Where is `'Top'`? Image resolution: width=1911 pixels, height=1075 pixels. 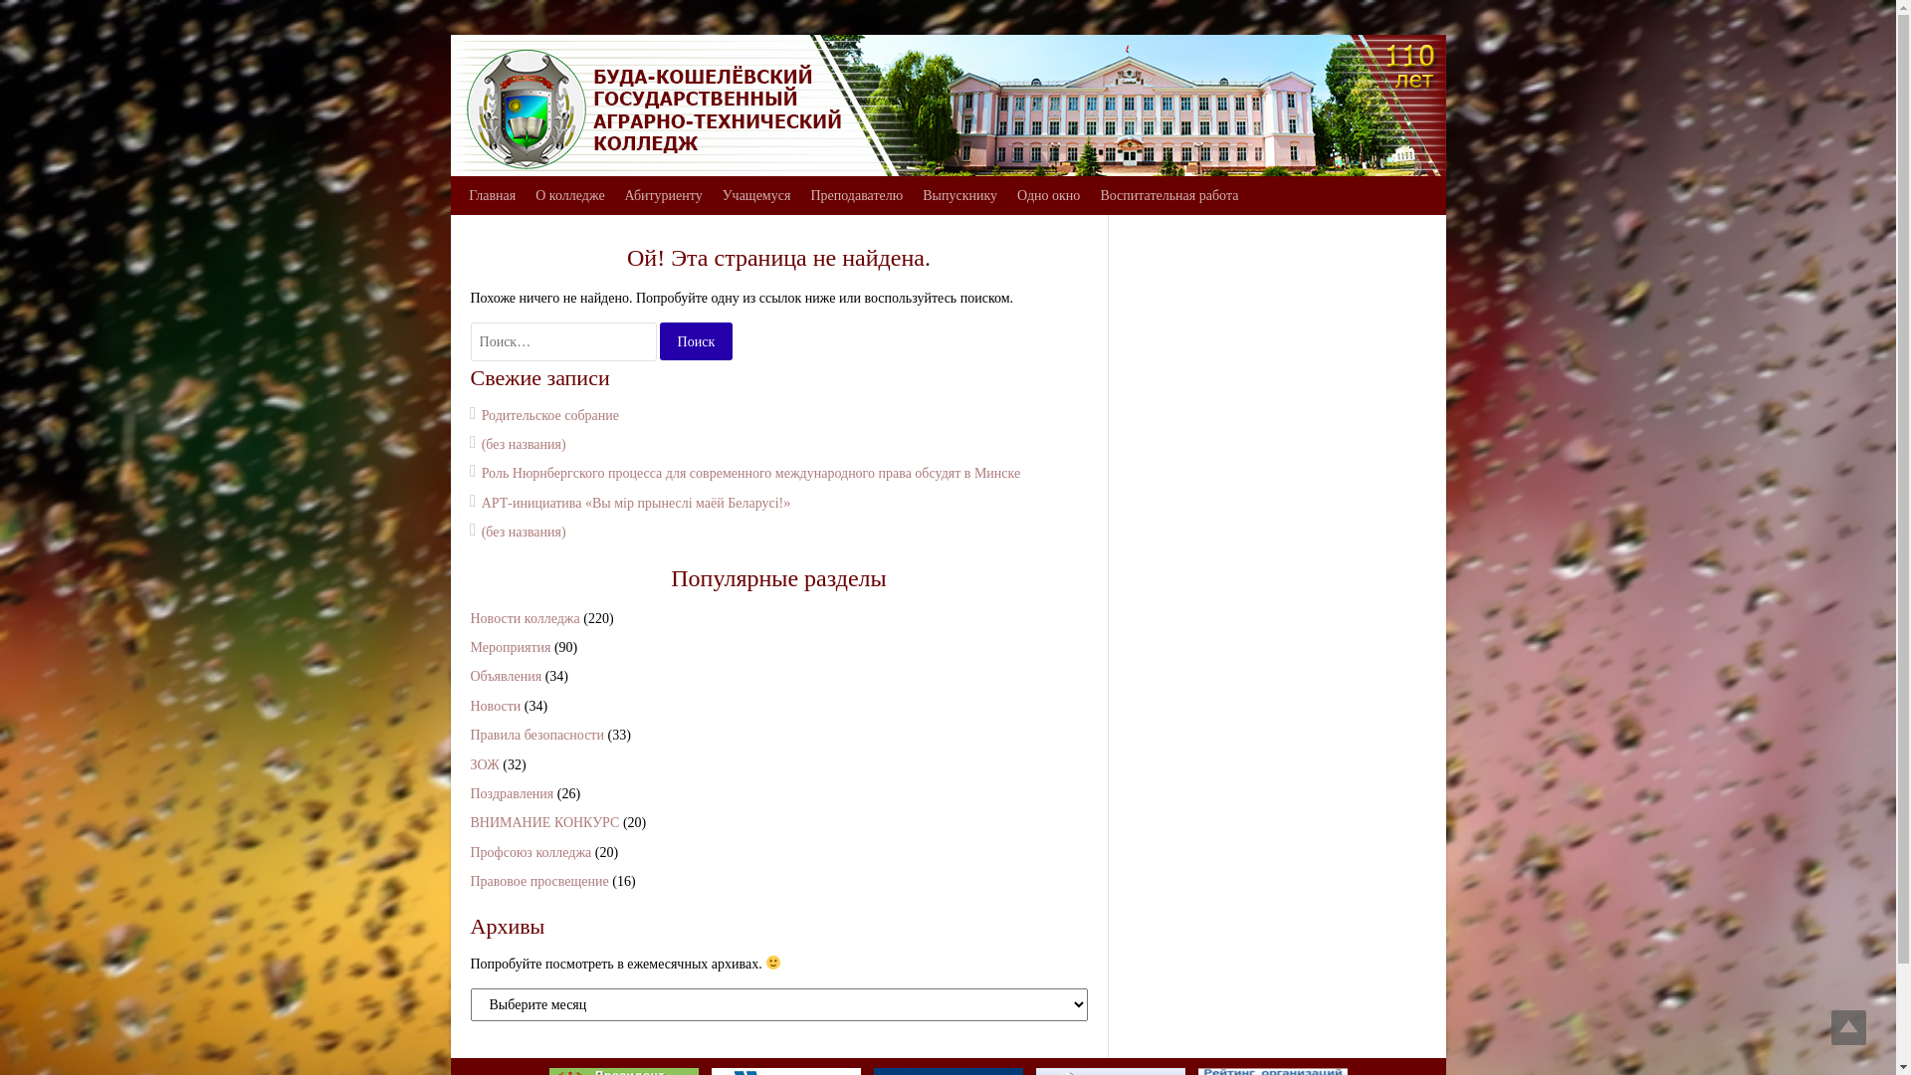
'Top' is located at coordinates (1847, 1027).